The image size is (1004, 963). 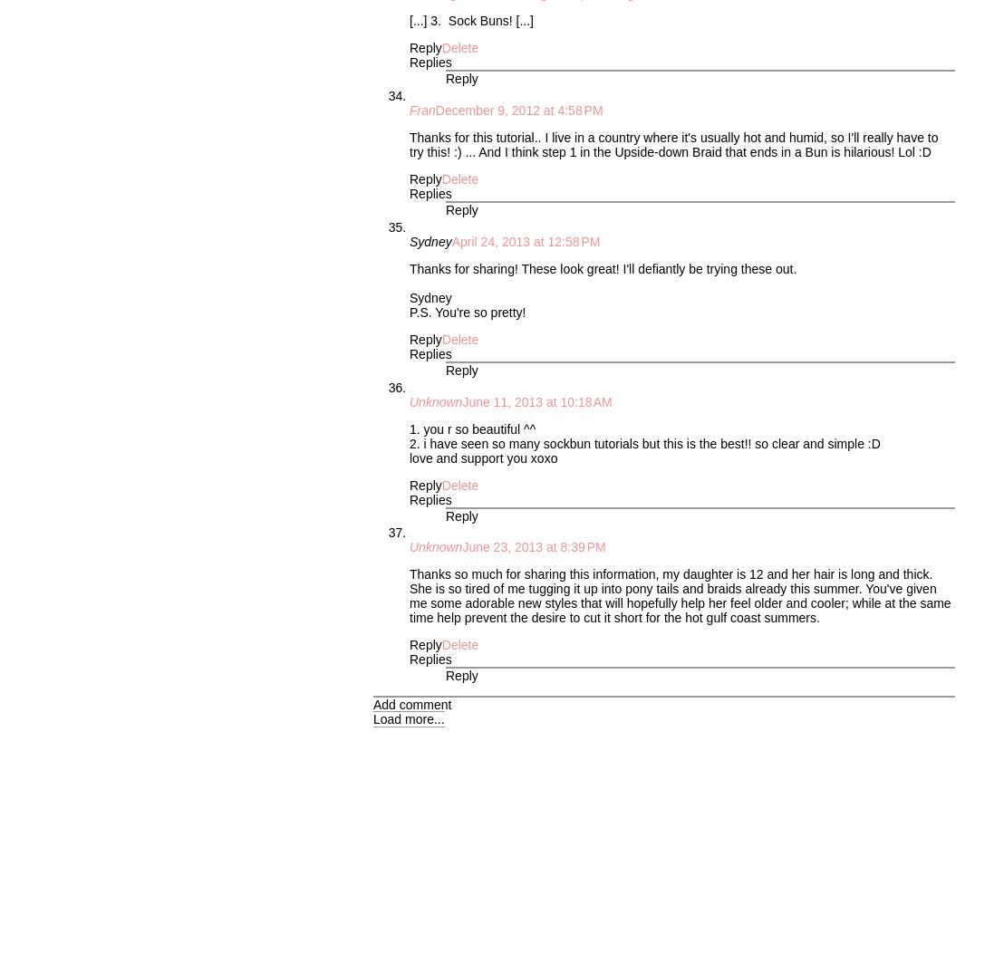 I want to click on 'June 23, 2013 at 8:39 PM', so click(x=534, y=545).